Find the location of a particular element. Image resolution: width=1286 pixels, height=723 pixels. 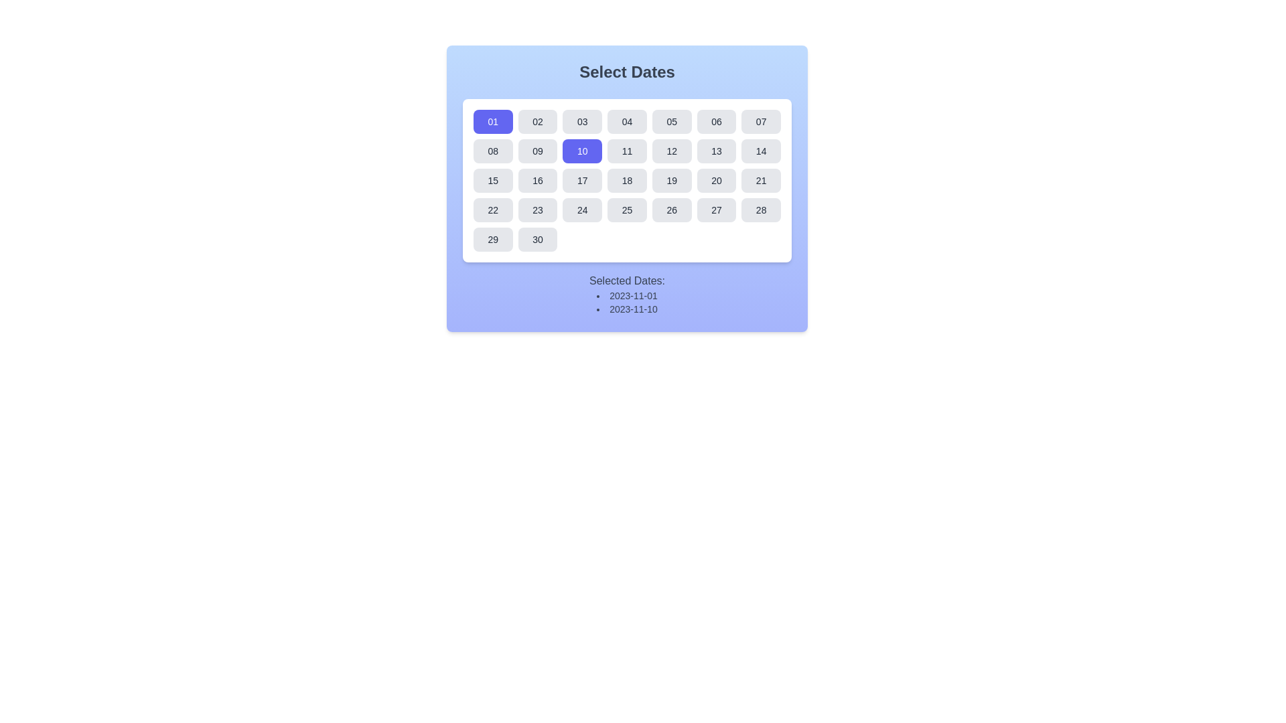

the seventh button in the second row of the date-picker interface is located at coordinates (716, 151).